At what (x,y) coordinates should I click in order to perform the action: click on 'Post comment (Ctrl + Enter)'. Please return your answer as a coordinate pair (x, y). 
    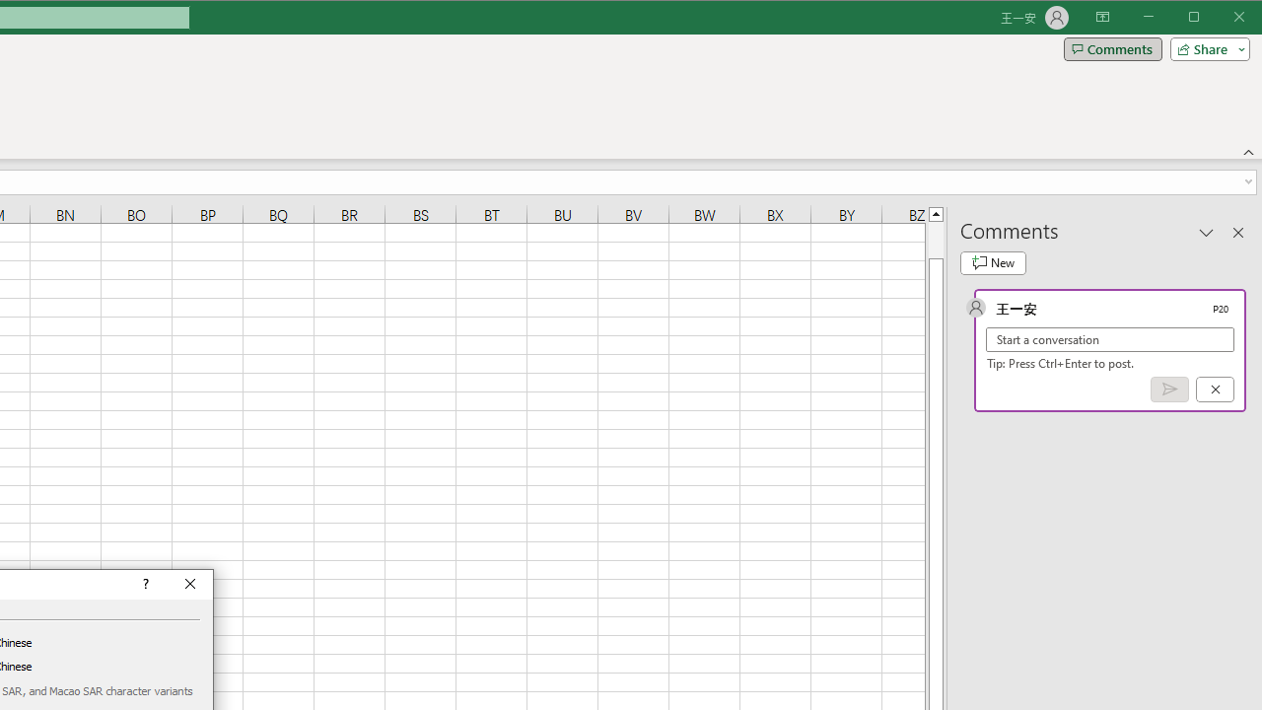
    Looking at the image, I should click on (1169, 390).